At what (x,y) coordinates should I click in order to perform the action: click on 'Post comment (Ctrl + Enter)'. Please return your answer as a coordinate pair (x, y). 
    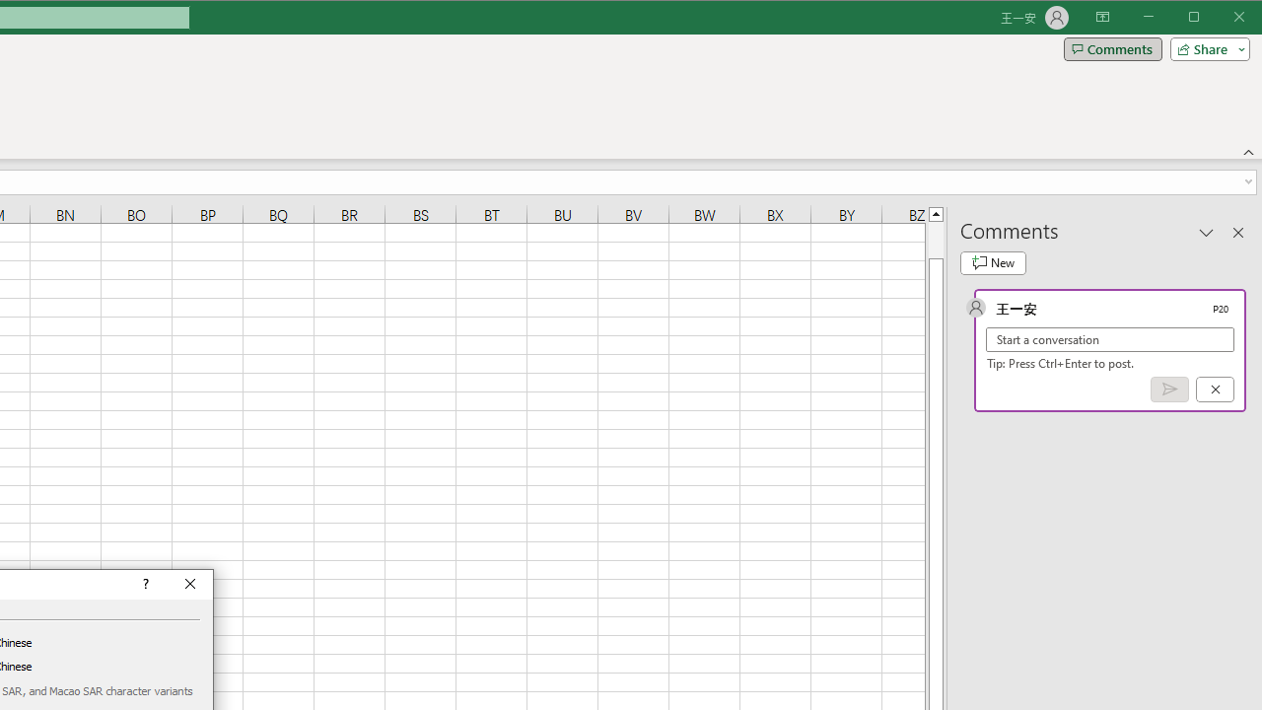
    Looking at the image, I should click on (1169, 390).